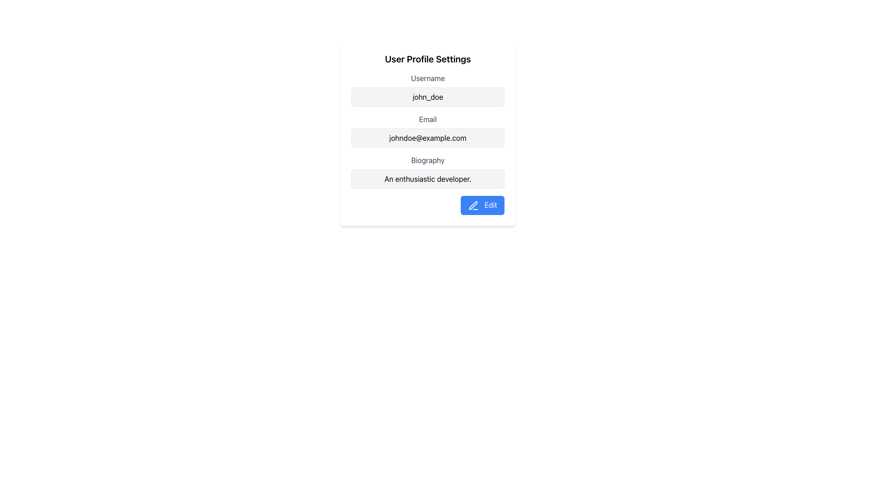 This screenshot has height=492, width=875. Describe the element at coordinates (427, 97) in the screenshot. I see `the static text display box that shows the username, located below the 'Username' label in the User Profile Settings form` at that location.